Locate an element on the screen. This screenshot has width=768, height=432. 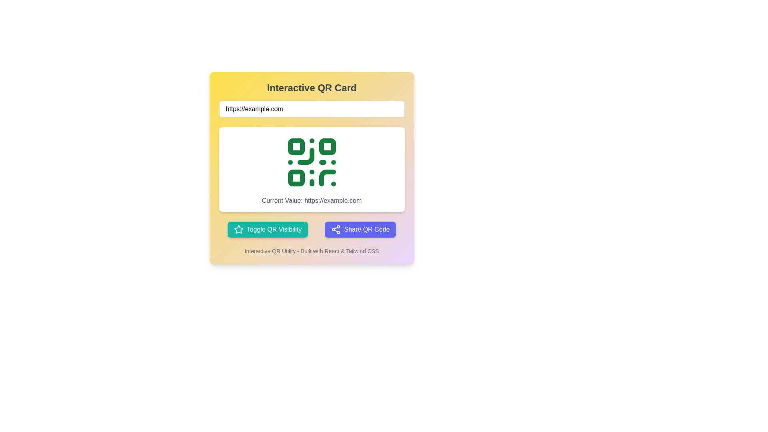
the first button on the left in the horizontal group of interactive buttons at the bottom of the card is located at coordinates (268, 230).